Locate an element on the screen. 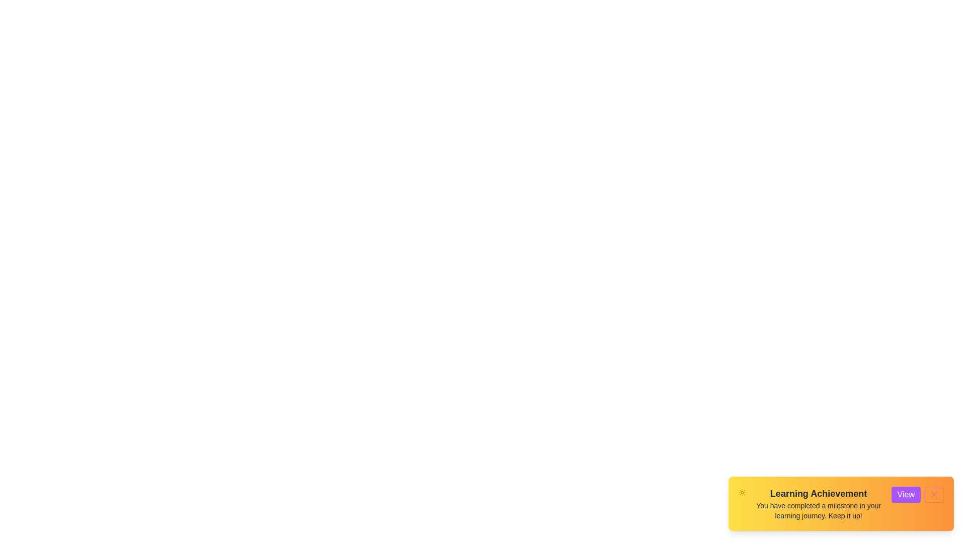 The image size is (966, 543). 'View' button is located at coordinates (906, 494).